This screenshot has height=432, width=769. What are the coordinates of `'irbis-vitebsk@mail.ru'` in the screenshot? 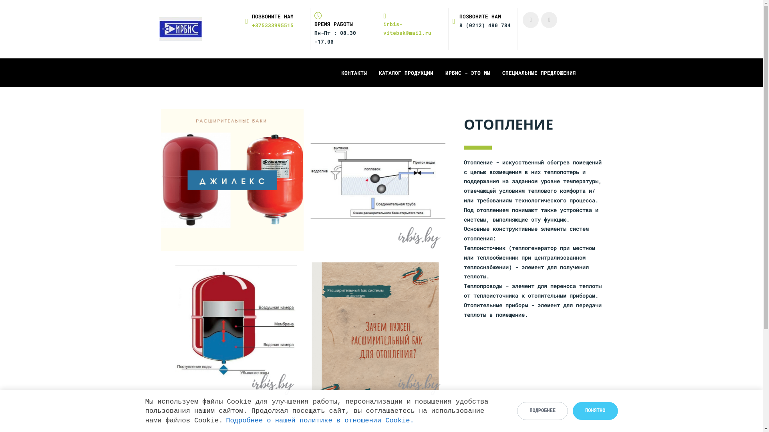 It's located at (413, 24).